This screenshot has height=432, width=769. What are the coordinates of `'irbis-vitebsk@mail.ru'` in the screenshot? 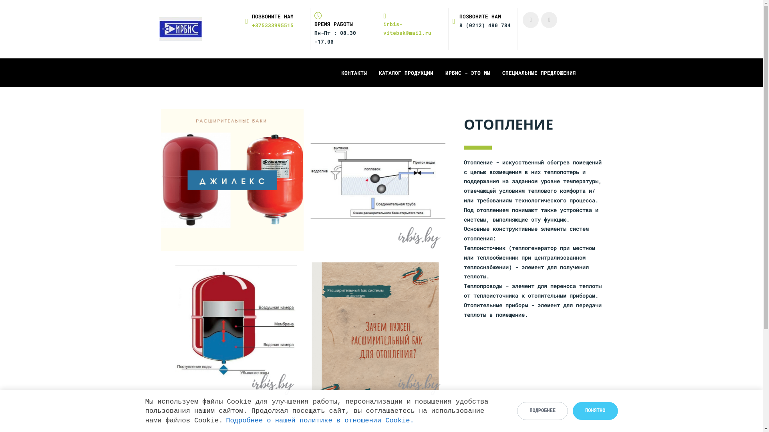 It's located at (413, 24).